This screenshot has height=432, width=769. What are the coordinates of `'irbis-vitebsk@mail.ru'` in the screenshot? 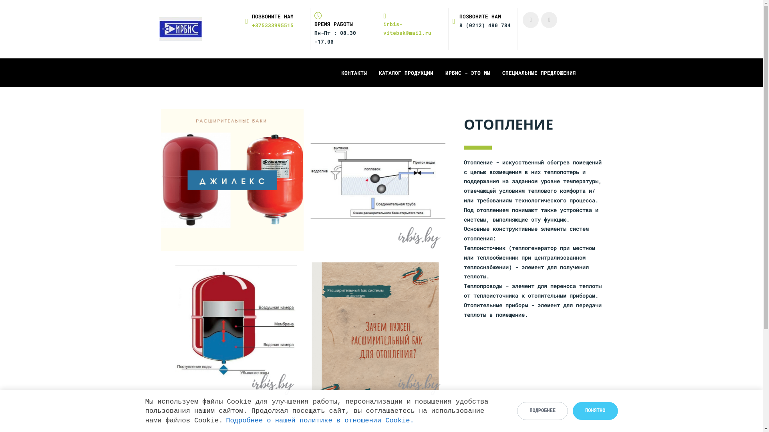 It's located at (413, 24).